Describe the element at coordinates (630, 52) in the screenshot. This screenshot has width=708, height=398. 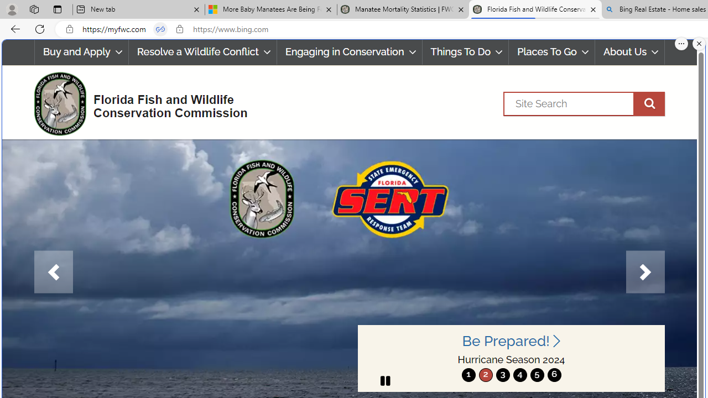
I see `'About Us'` at that location.